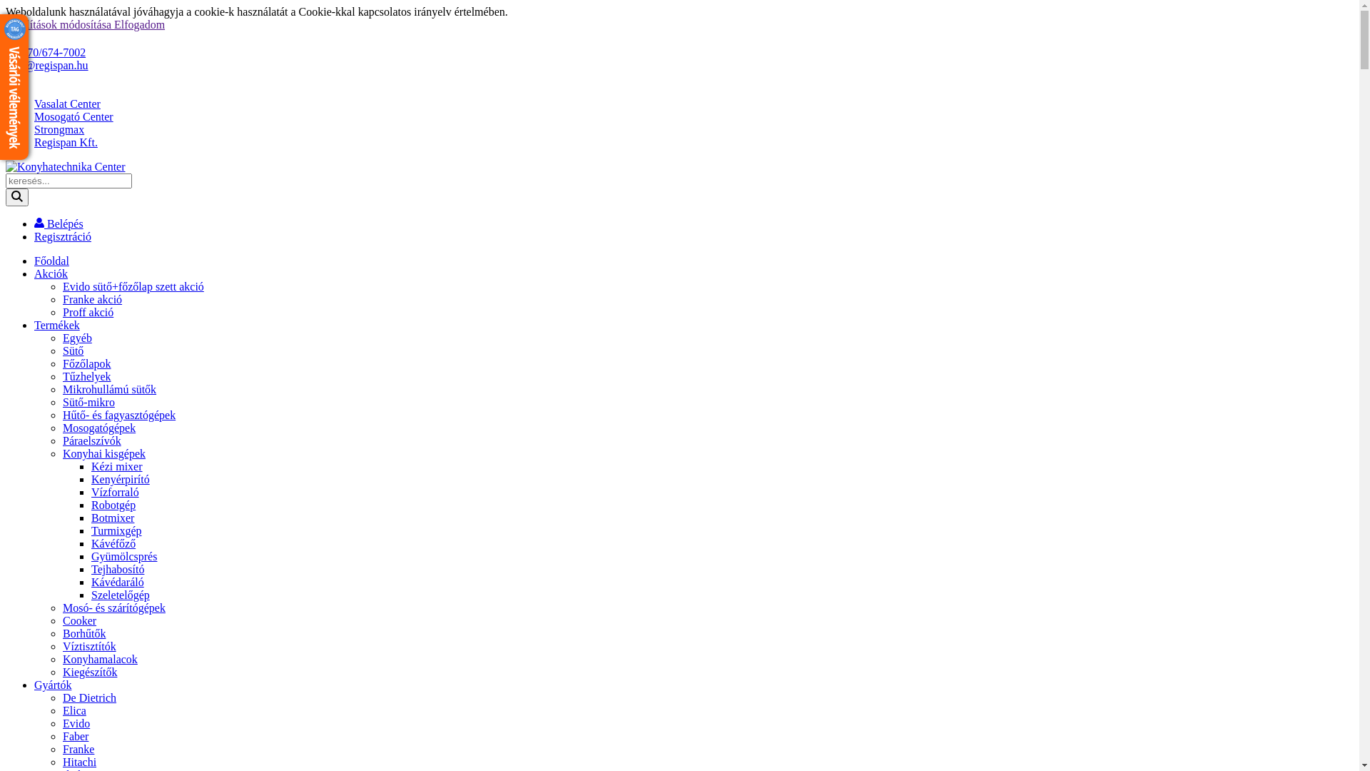  Describe the element at coordinates (74, 736) in the screenshot. I see `'Faber'` at that location.